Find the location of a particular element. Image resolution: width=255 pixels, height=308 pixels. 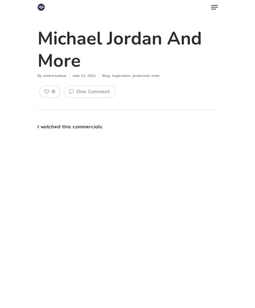

'Michael Jordan and more' is located at coordinates (119, 49).